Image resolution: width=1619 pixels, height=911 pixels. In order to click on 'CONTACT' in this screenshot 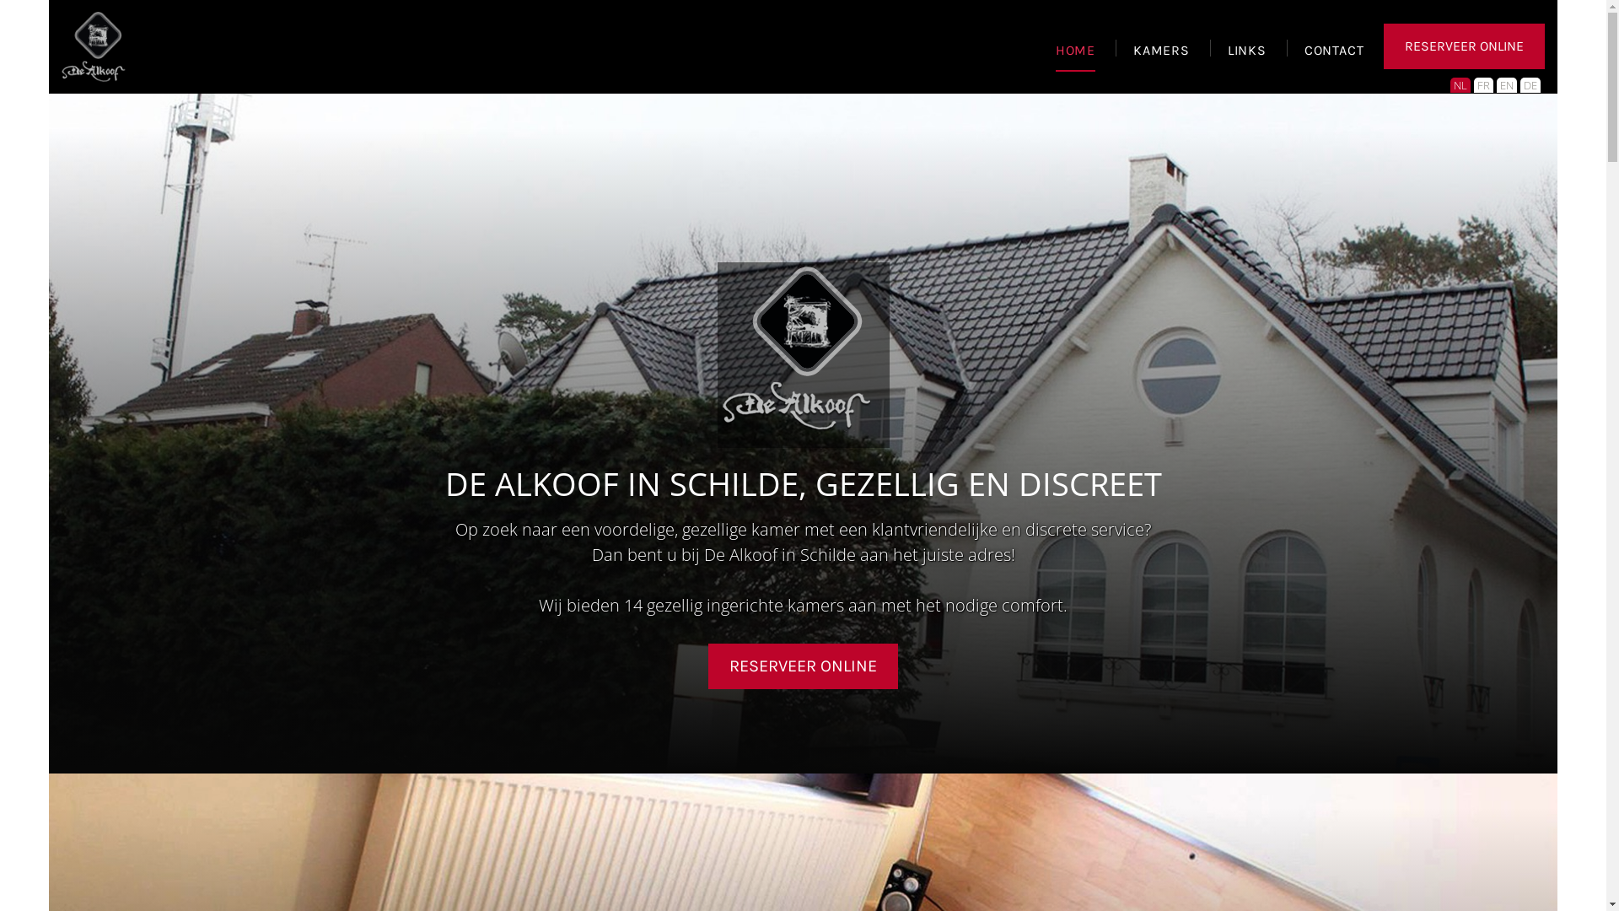, I will do `click(1333, 56)`.